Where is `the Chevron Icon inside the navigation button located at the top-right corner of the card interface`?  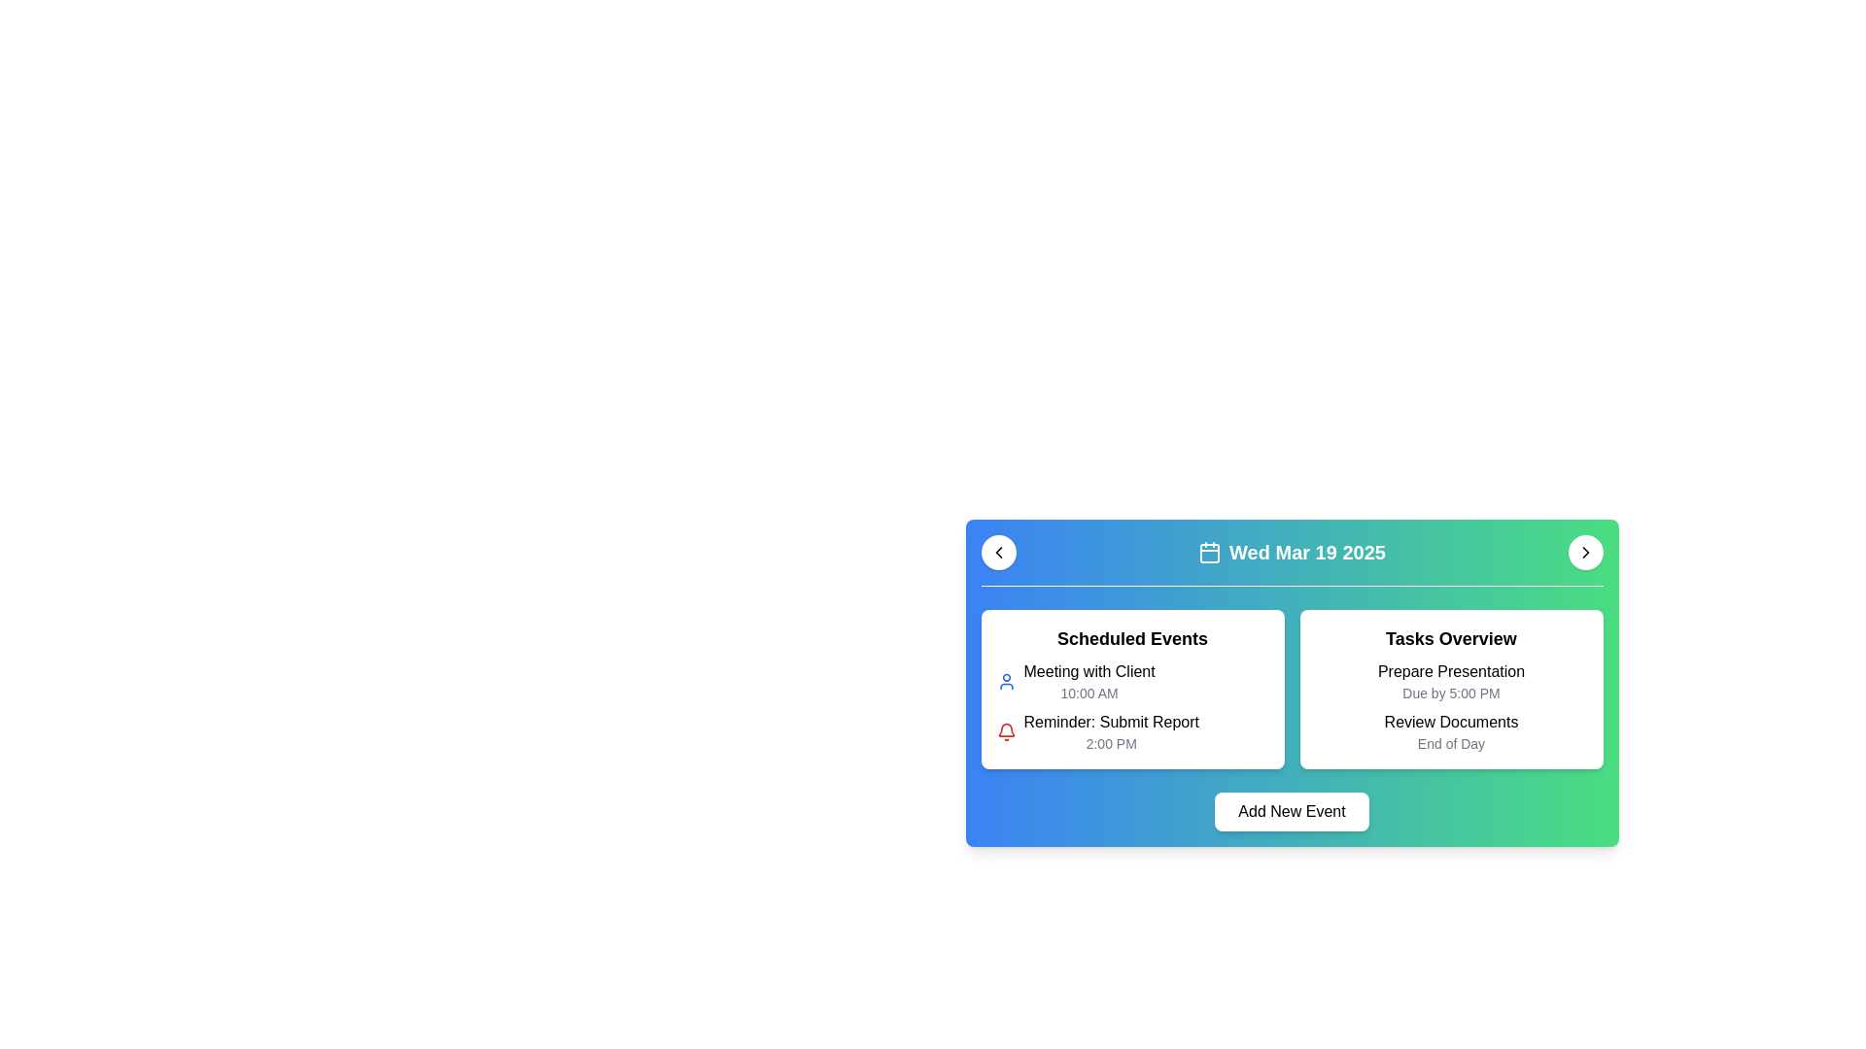 the Chevron Icon inside the navigation button located at the top-right corner of the card interface is located at coordinates (1585, 553).